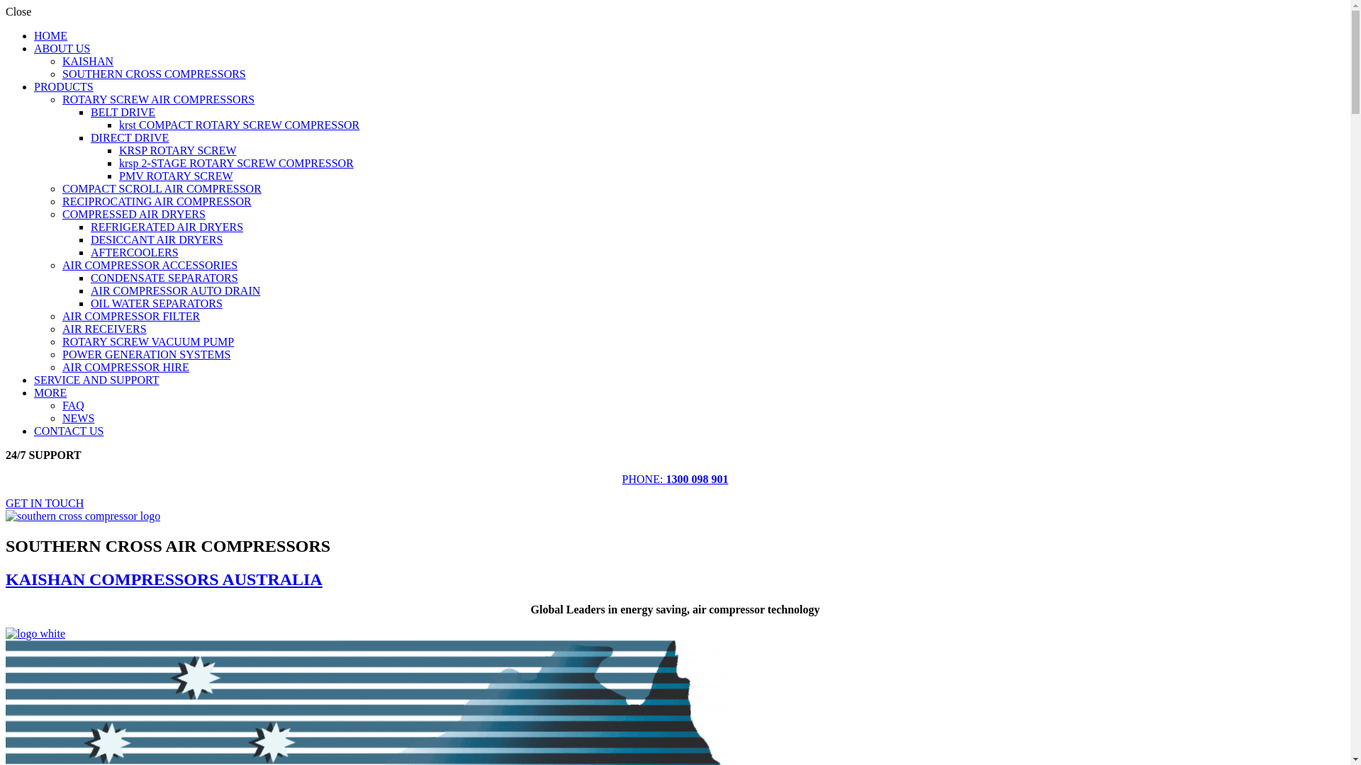  What do you see at coordinates (50, 35) in the screenshot?
I see `'HOME'` at bounding box center [50, 35].